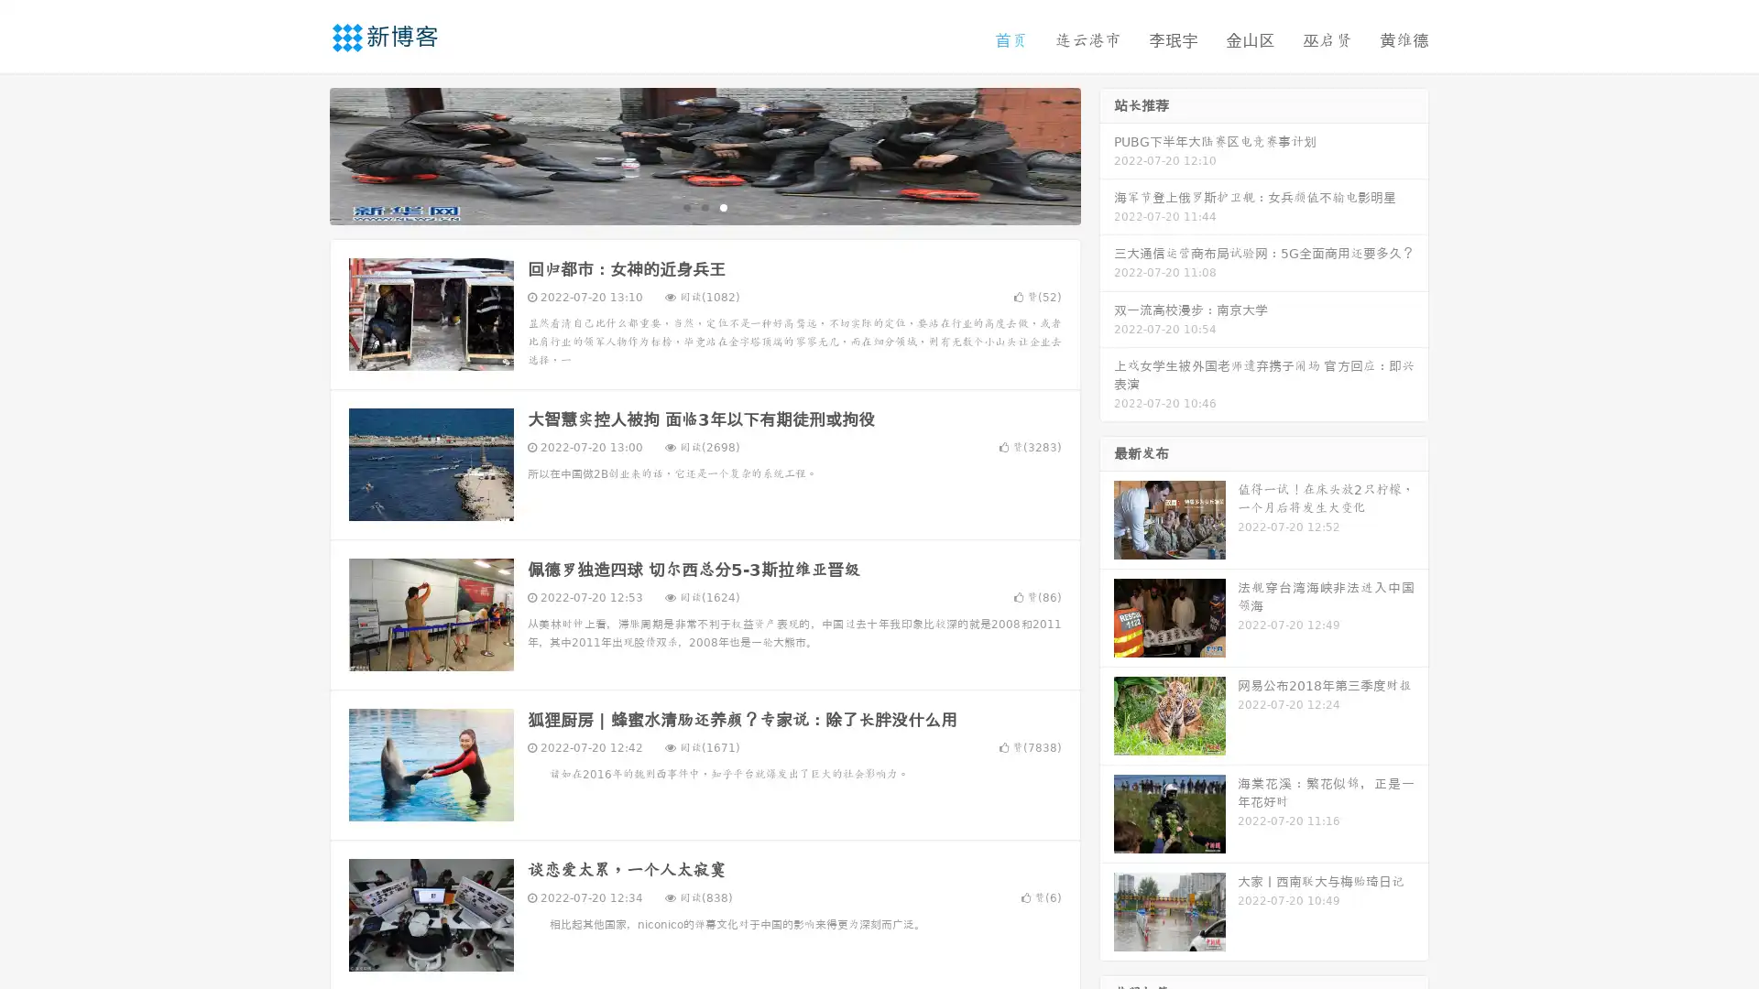  Describe the element at coordinates (704, 206) in the screenshot. I see `Go to slide 2` at that location.